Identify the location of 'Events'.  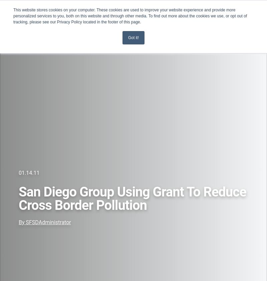
(14, 53).